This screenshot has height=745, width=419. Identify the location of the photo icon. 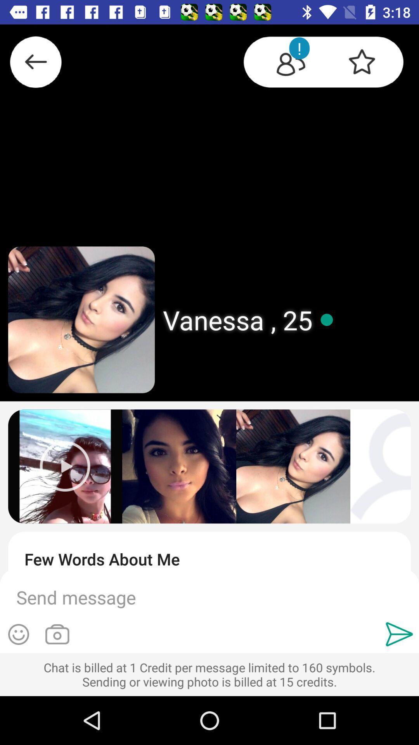
(57, 634).